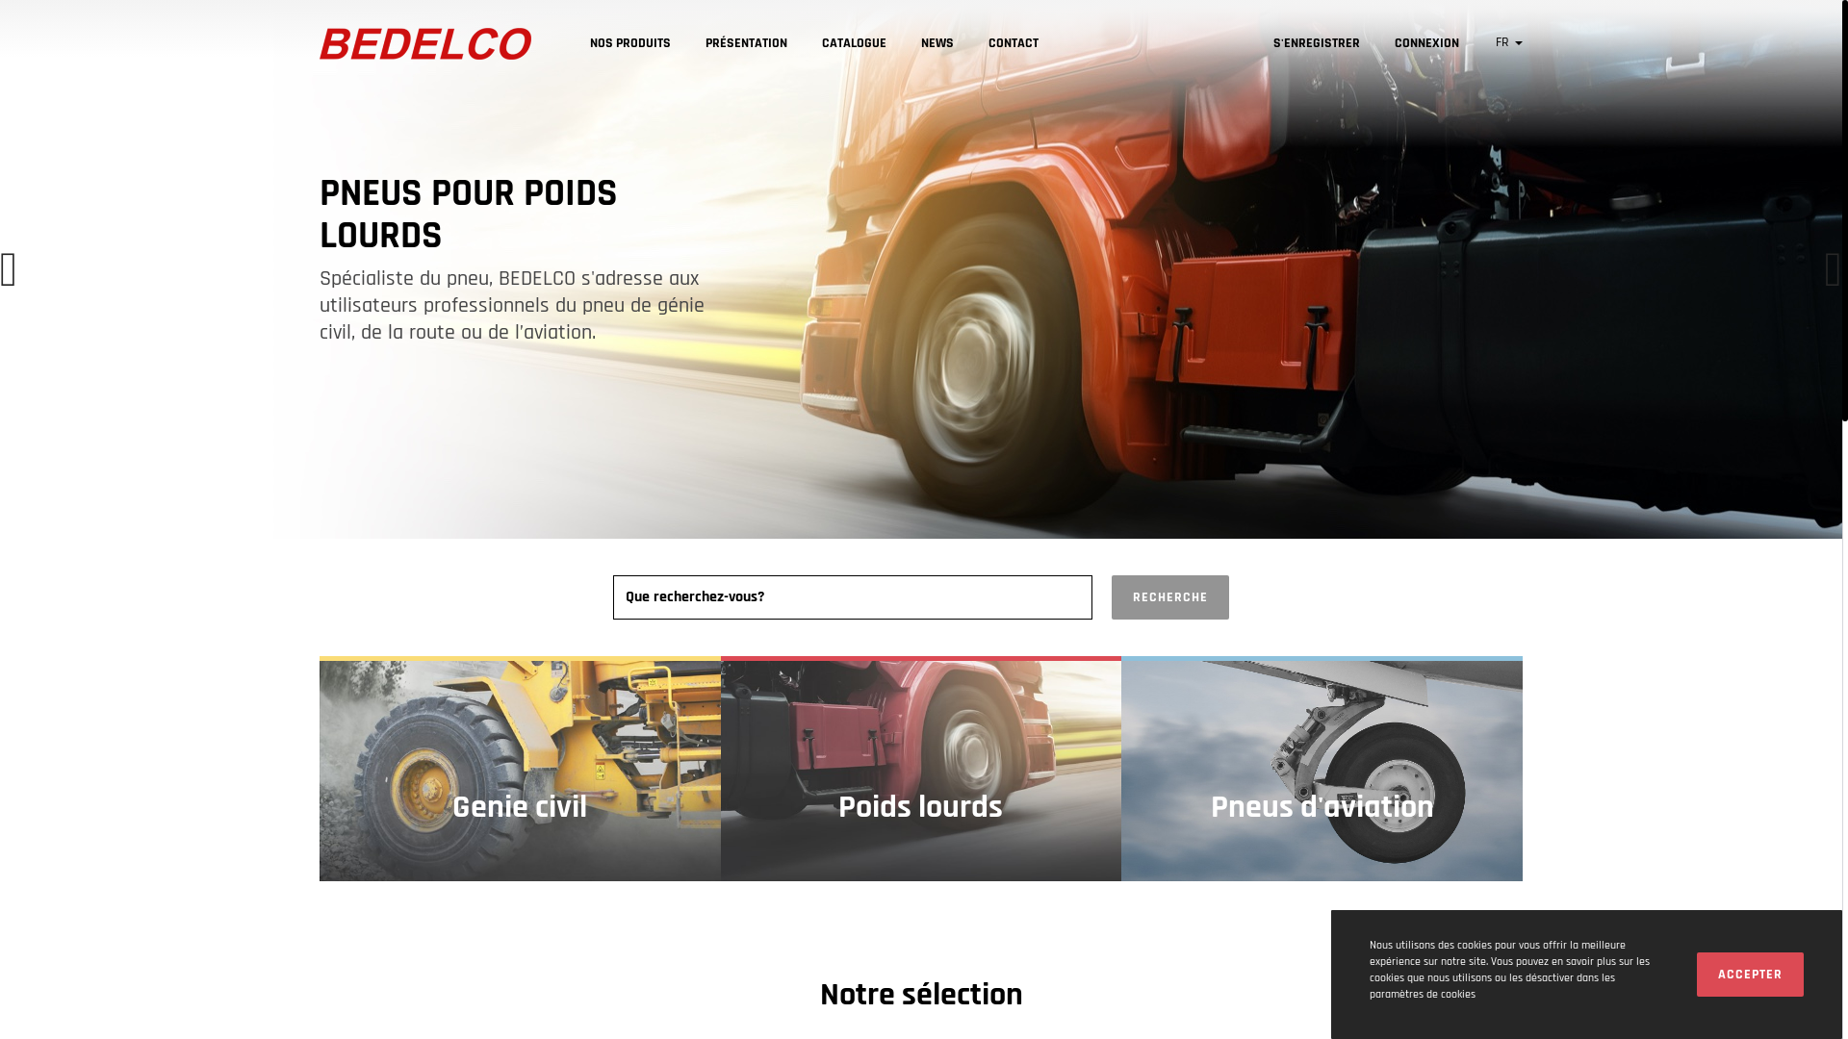 This screenshot has height=1039, width=1848. What do you see at coordinates (1750, 975) in the screenshot?
I see `'ACCEPTER'` at bounding box center [1750, 975].